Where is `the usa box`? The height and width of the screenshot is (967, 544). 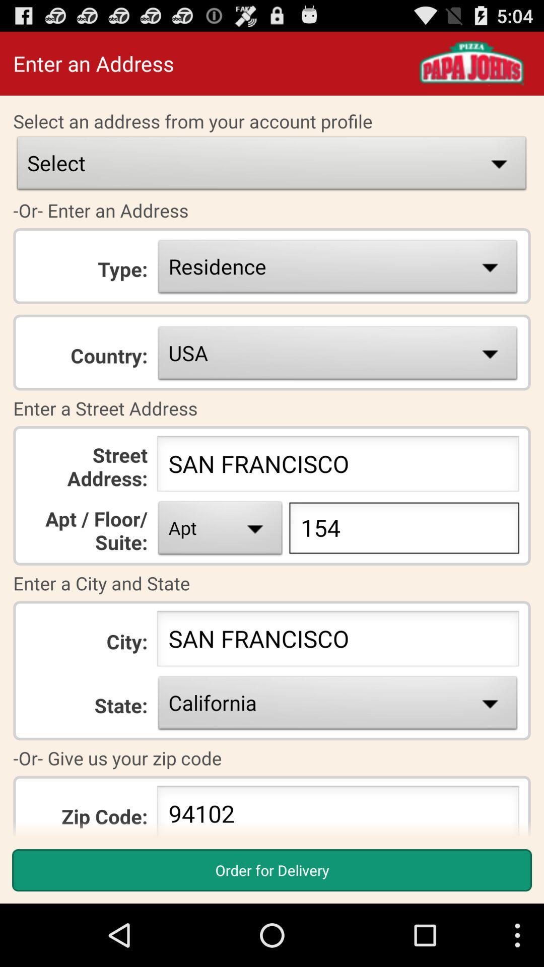 the usa box is located at coordinates (338, 356).